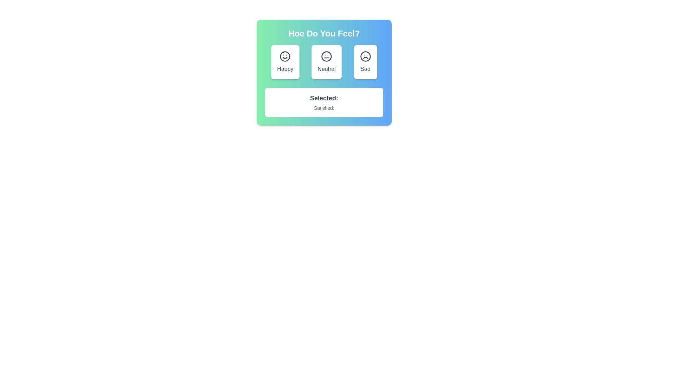 The height and width of the screenshot is (379, 675). Describe the element at coordinates (365, 62) in the screenshot. I see `the emotion button labeled Sad to observe the visual feedback` at that location.